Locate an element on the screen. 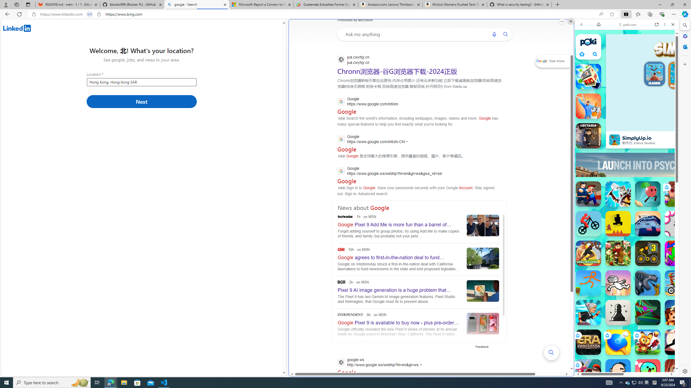 The height and width of the screenshot is (388, 691). 'Ping Pong Go! Ping Pong Go!' is located at coordinates (618, 342).